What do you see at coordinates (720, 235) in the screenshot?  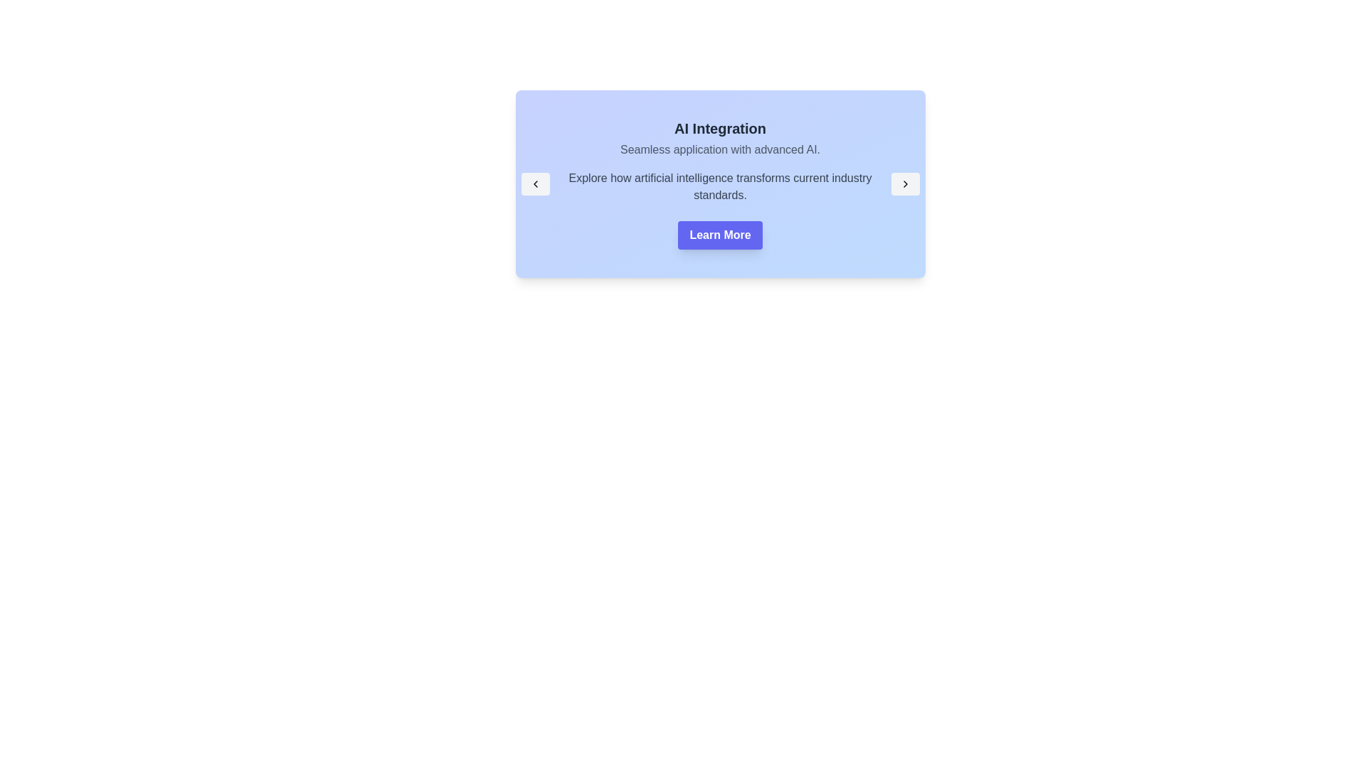 I see `the 'Learn More' button, which is a purple rectangular button with rounded edges and bold white text, to observe the hover effect` at bounding box center [720, 235].